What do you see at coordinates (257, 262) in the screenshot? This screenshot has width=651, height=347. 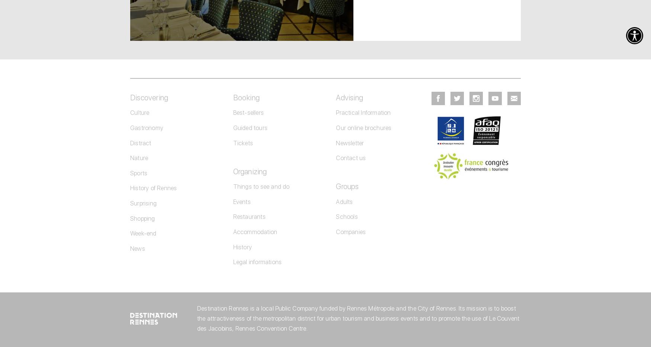 I see `'Legal informations'` at bounding box center [257, 262].